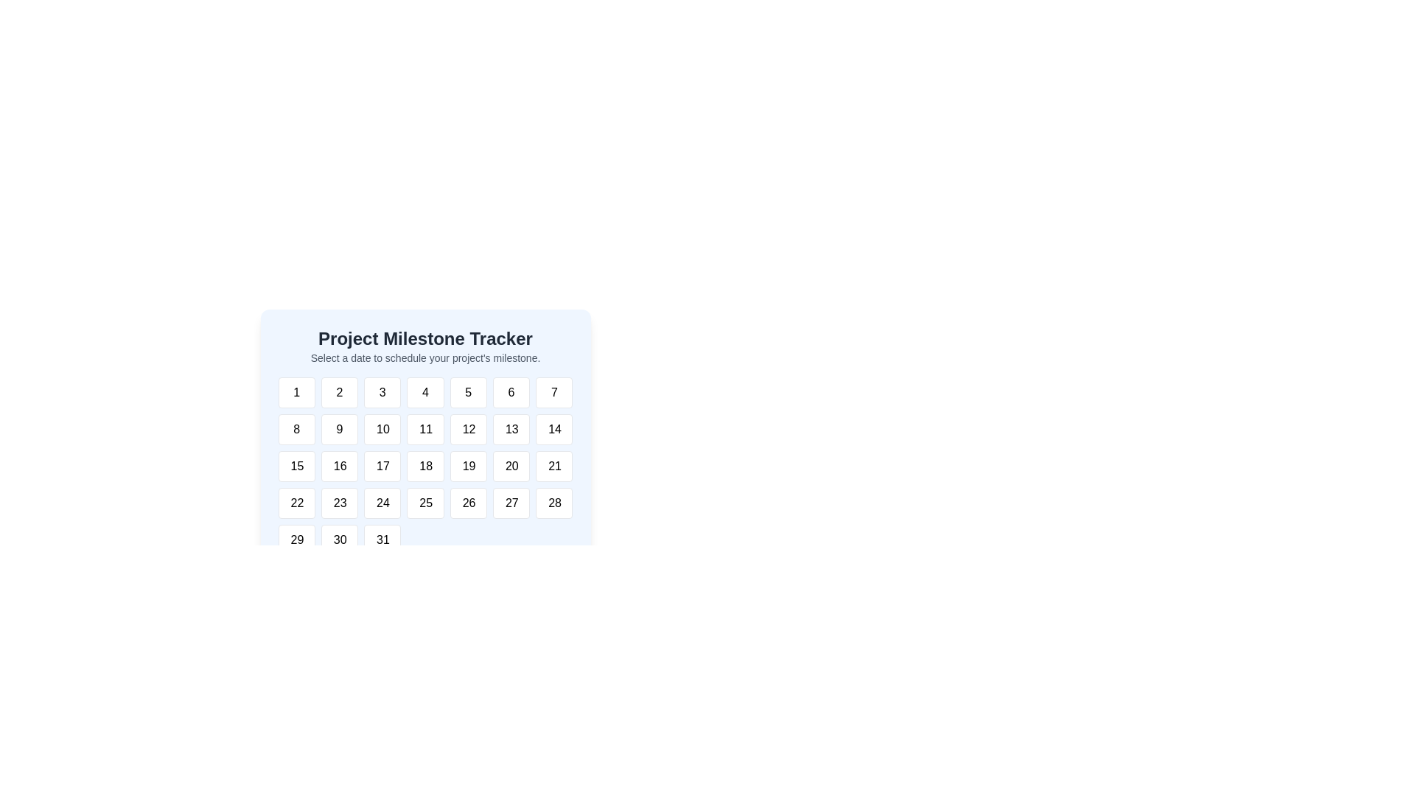 The image size is (1415, 796). Describe the element at coordinates (296, 540) in the screenshot. I see `the button labeled '29' located in the sixth row and first column of the grid under 'Project Milestone Tracker'` at that location.